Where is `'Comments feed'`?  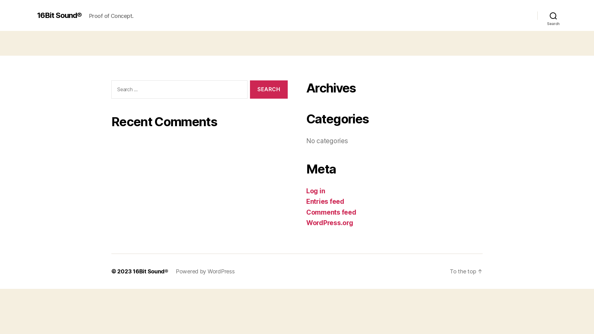
'Comments feed' is located at coordinates (331, 212).